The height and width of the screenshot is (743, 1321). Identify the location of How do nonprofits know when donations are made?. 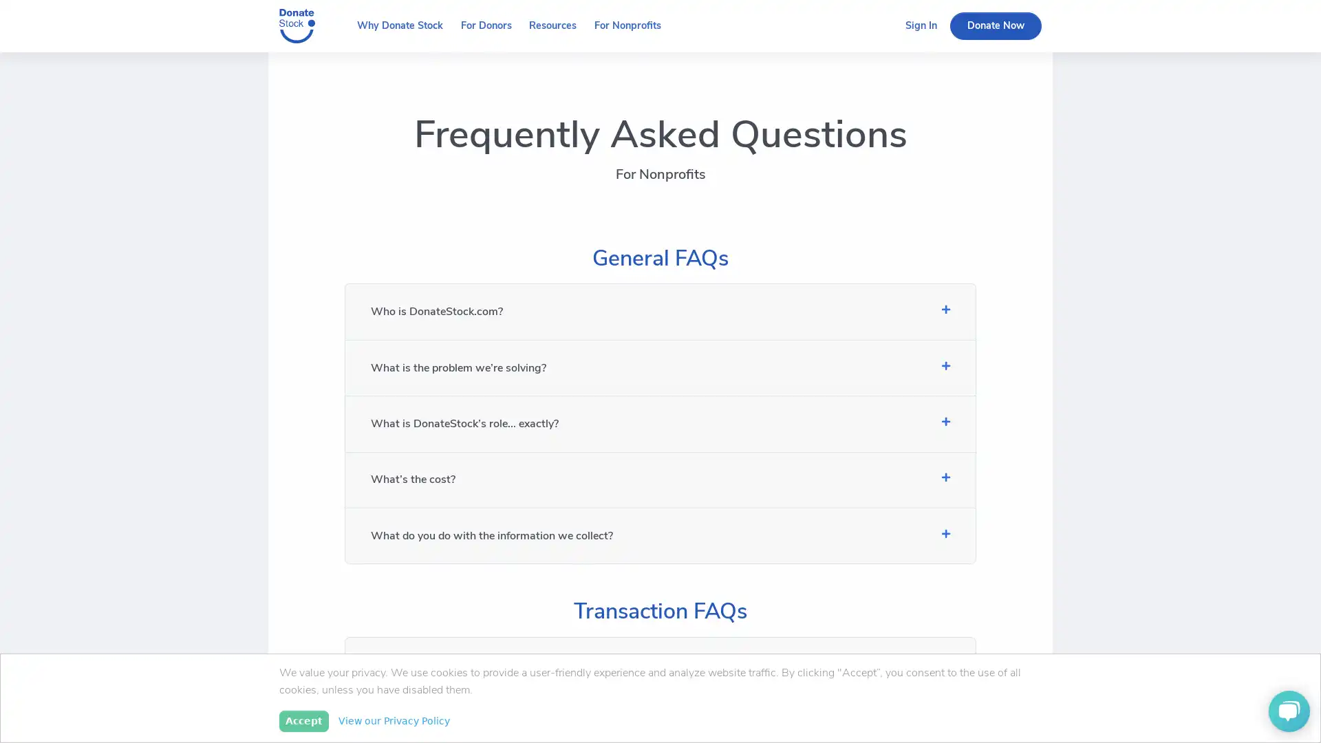
(659, 720).